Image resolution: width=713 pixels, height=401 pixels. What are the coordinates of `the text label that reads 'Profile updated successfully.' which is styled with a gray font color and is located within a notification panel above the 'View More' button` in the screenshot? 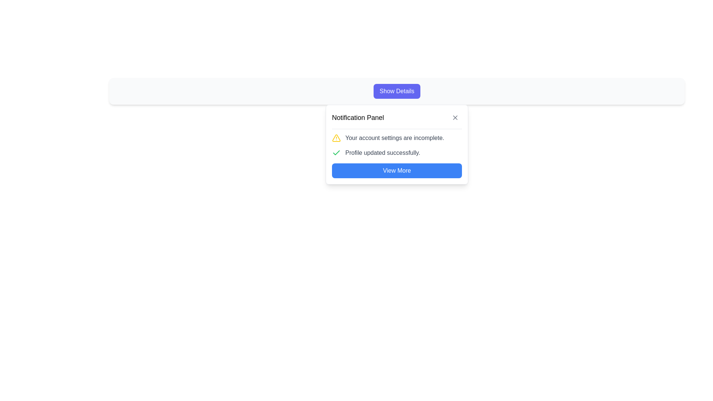 It's located at (382, 153).